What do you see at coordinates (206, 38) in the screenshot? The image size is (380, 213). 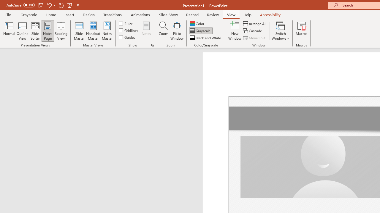 I see `'Black and White'` at bounding box center [206, 38].